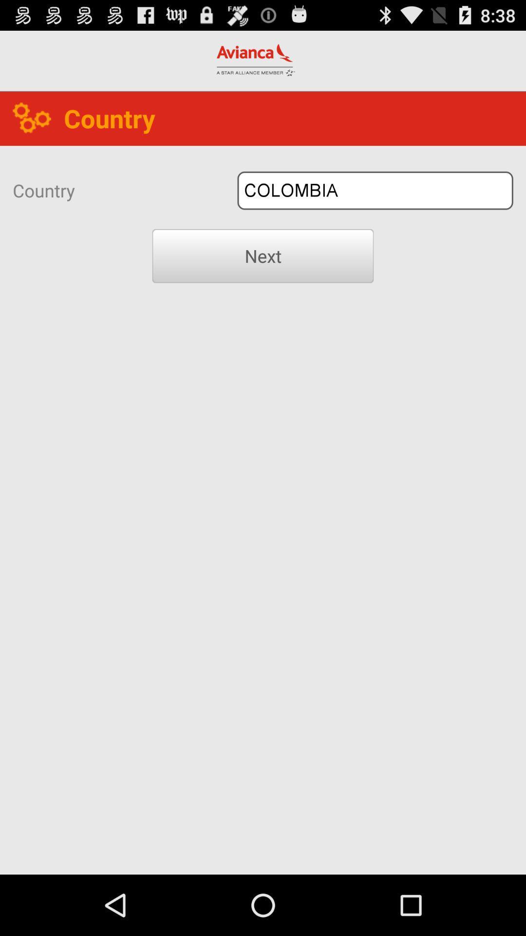 The height and width of the screenshot is (936, 526). I want to click on colombia button, so click(375, 191).